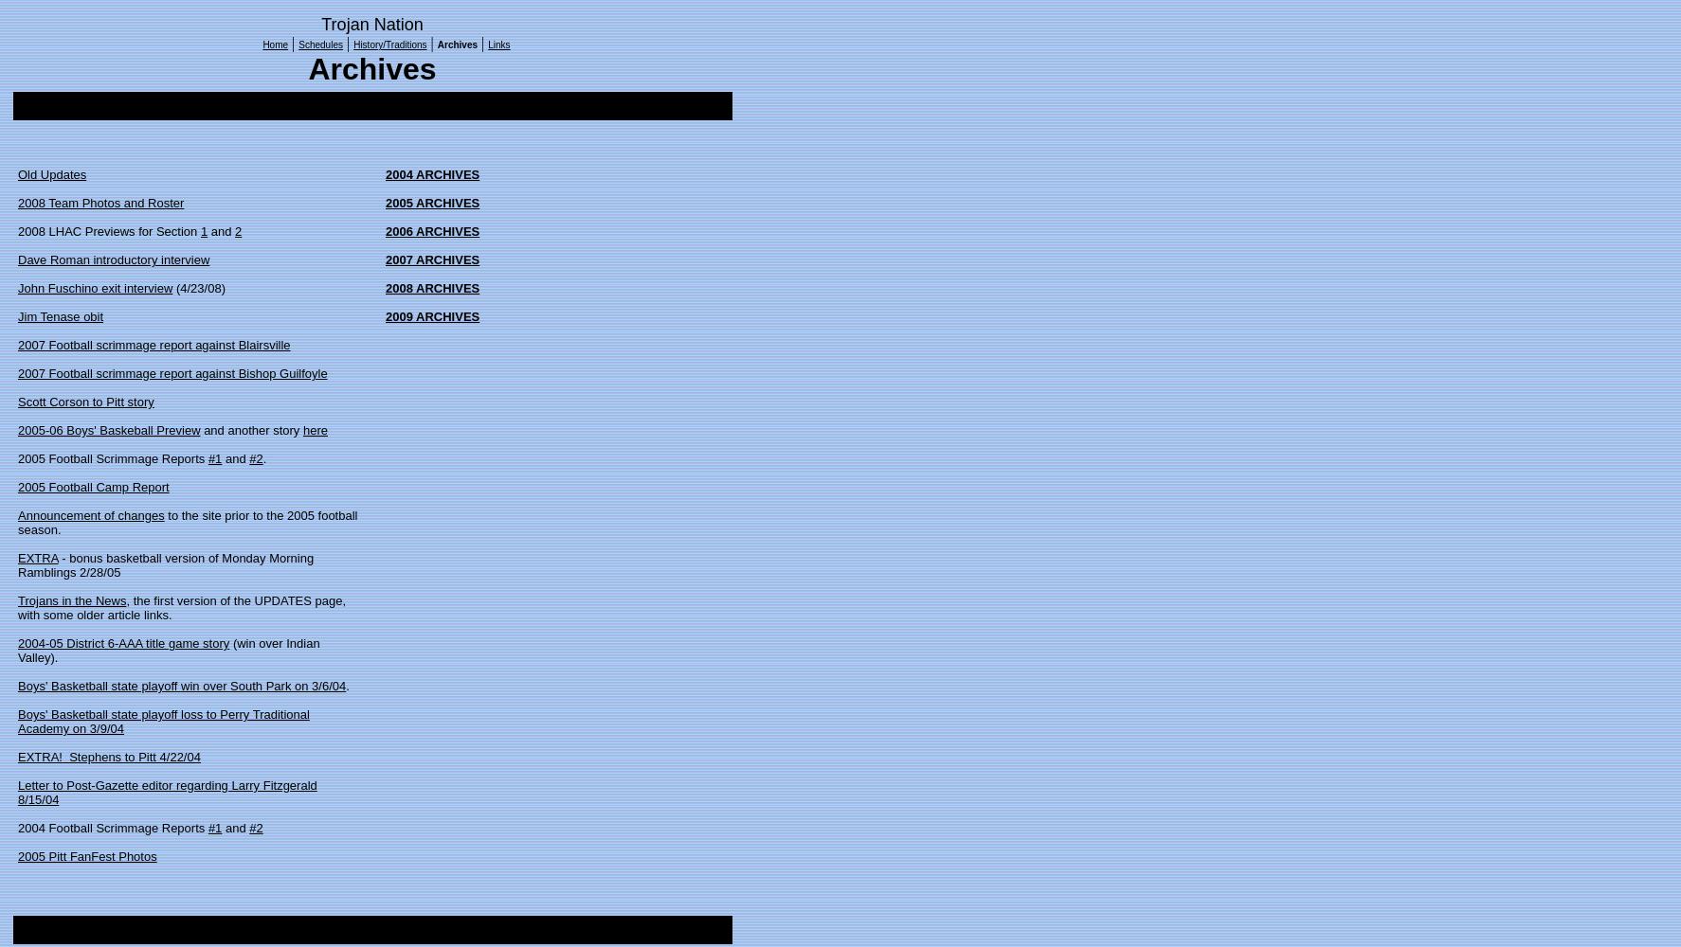  What do you see at coordinates (432, 315) in the screenshot?
I see `'2009 ARCHIVES'` at bounding box center [432, 315].